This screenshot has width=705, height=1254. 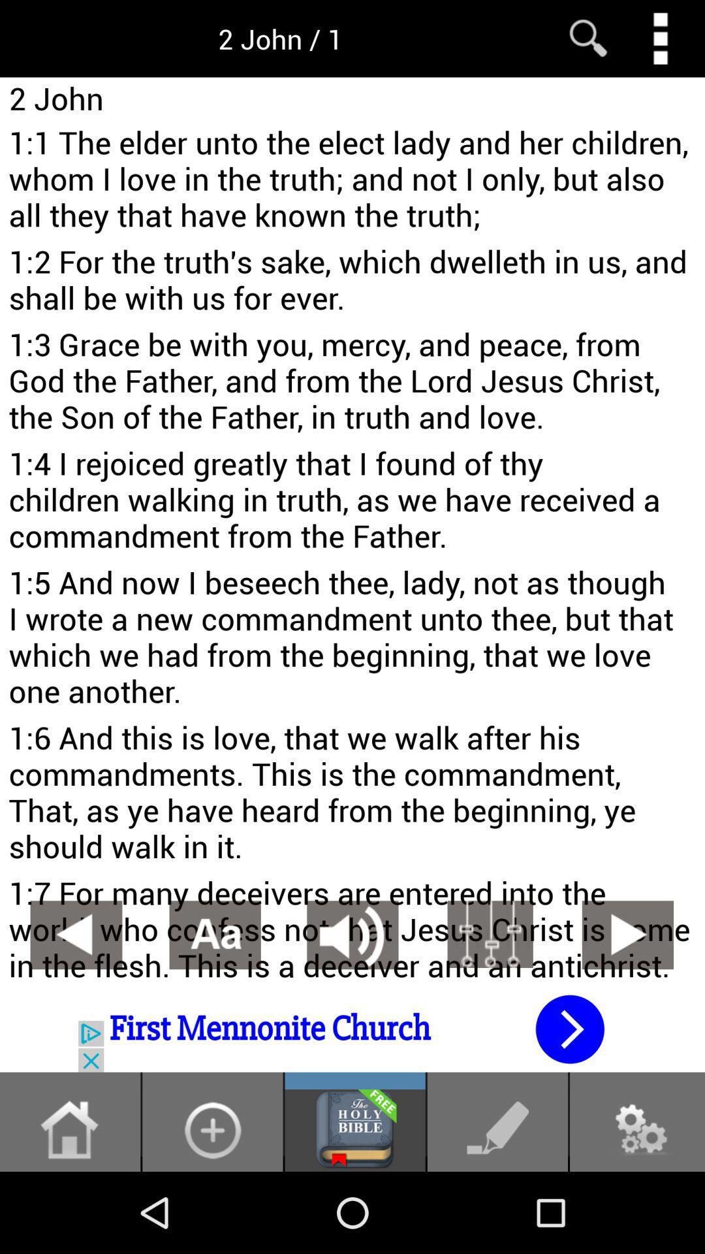 I want to click on the edit icon, so click(x=497, y=1209).